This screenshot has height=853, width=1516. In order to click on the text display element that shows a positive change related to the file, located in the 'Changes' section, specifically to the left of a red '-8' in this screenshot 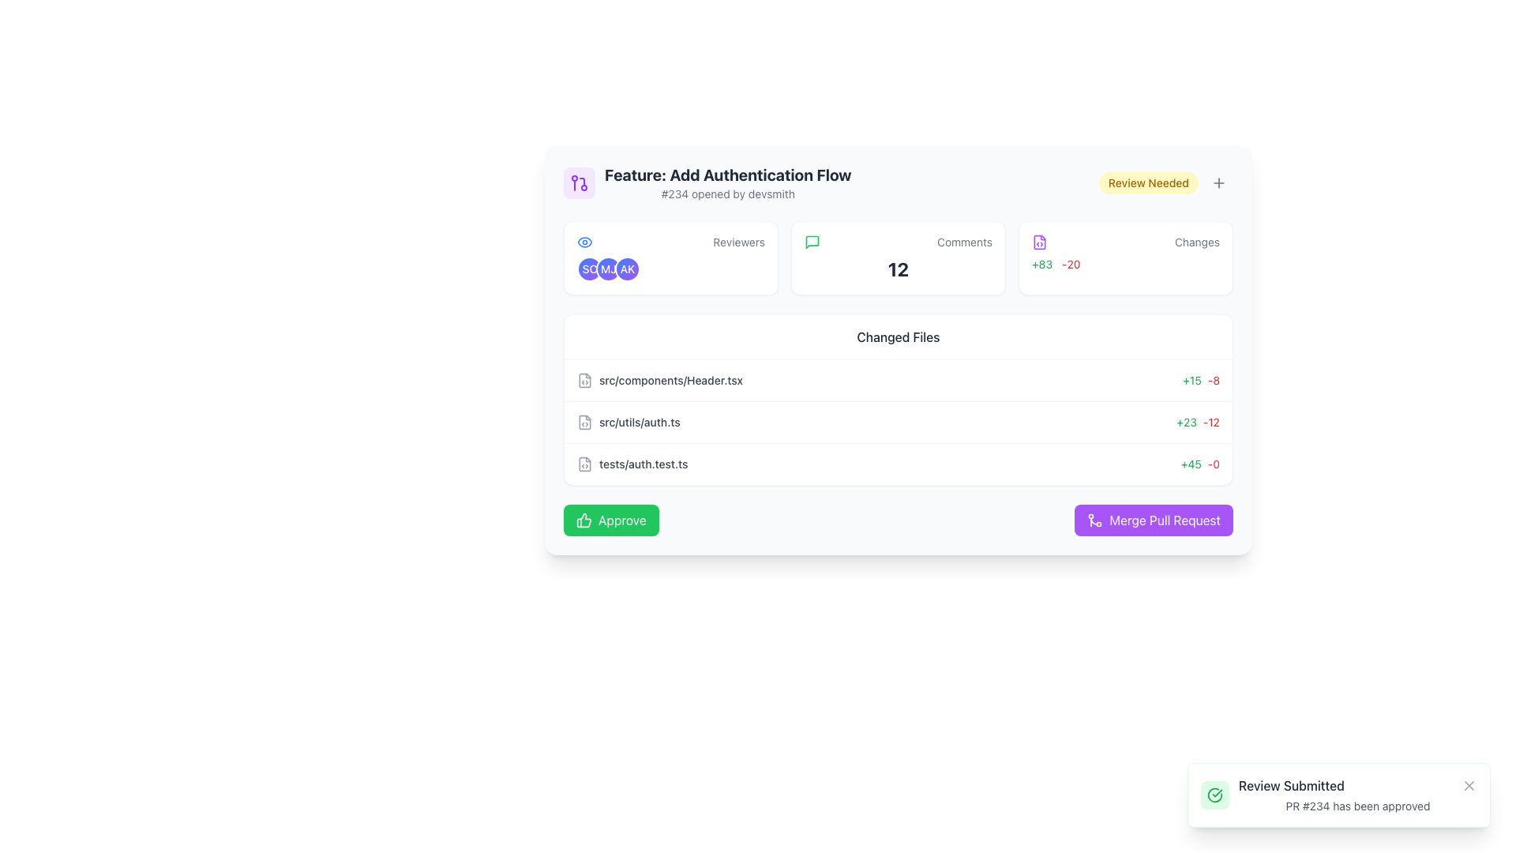, I will do `click(1191, 381)`.